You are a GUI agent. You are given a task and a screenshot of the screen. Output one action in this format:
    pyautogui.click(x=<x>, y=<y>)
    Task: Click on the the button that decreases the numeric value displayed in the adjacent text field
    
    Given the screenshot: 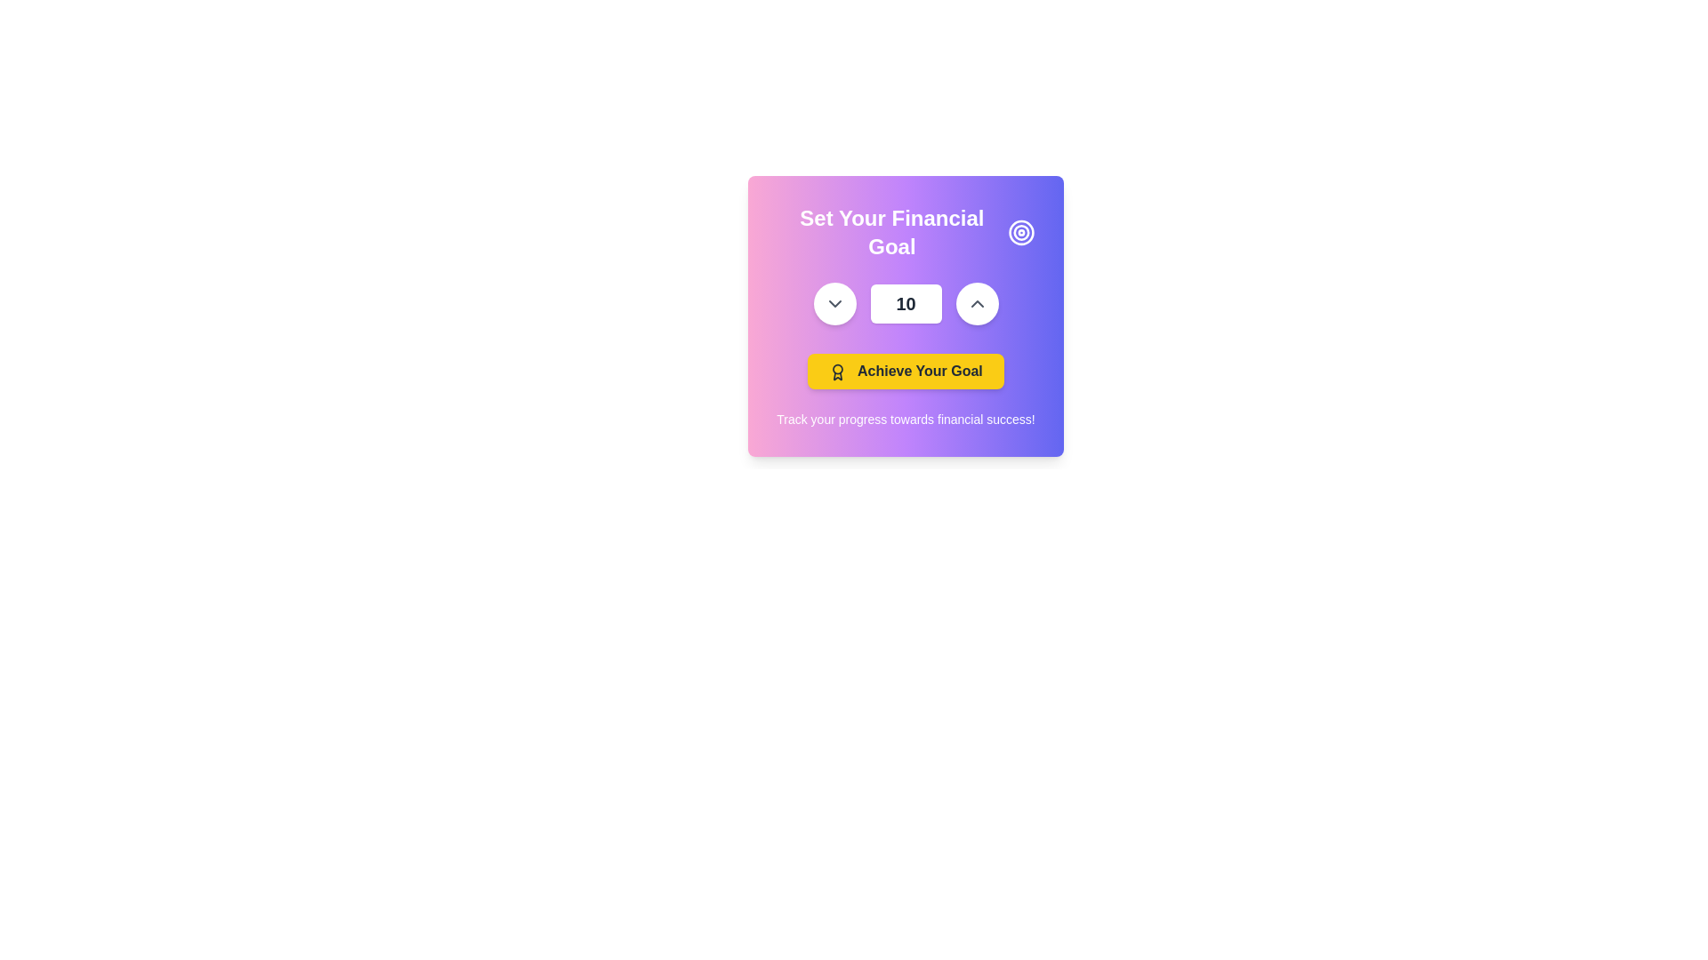 What is the action you would take?
    pyautogui.click(x=834, y=303)
    